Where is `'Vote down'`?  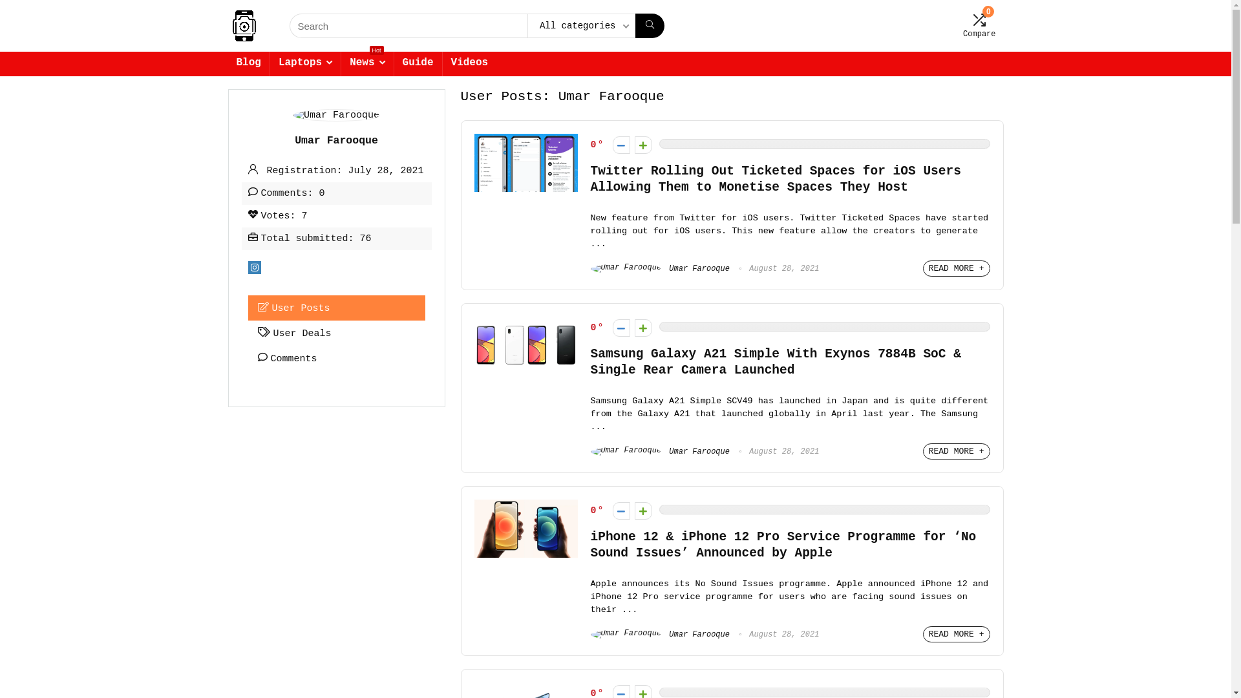
'Vote down' is located at coordinates (621, 145).